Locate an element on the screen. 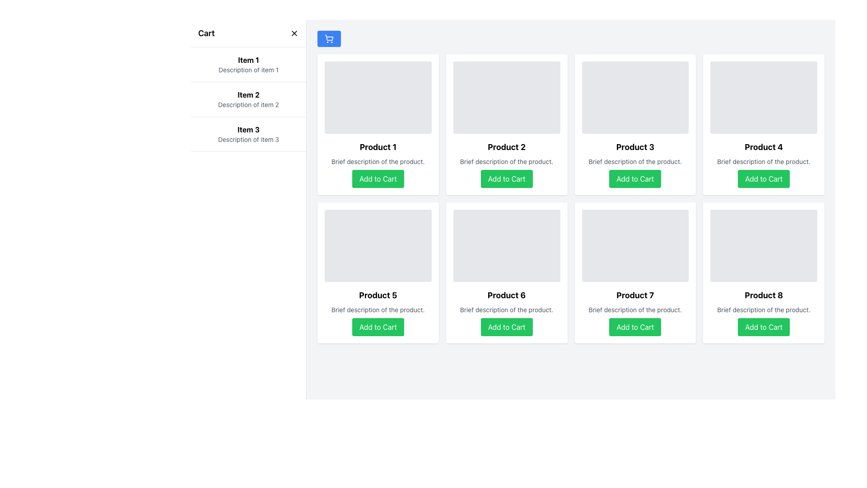 Image resolution: width=867 pixels, height=488 pixels. the light gray decorative block with rounded corners located above the 'Add to Cart' button in the 'Product 2' card is located at coordinates (507, 98).